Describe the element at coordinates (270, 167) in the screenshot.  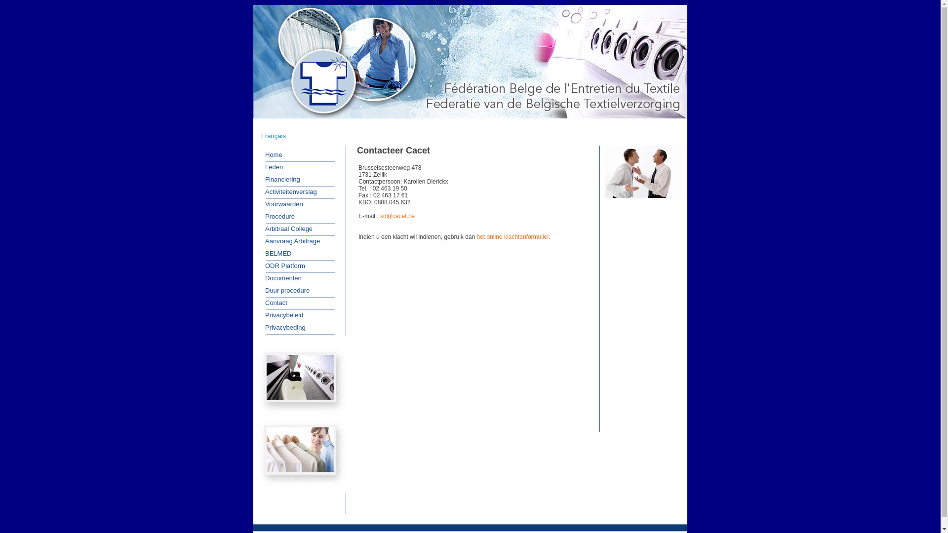
I see `'Leden'` at that location.